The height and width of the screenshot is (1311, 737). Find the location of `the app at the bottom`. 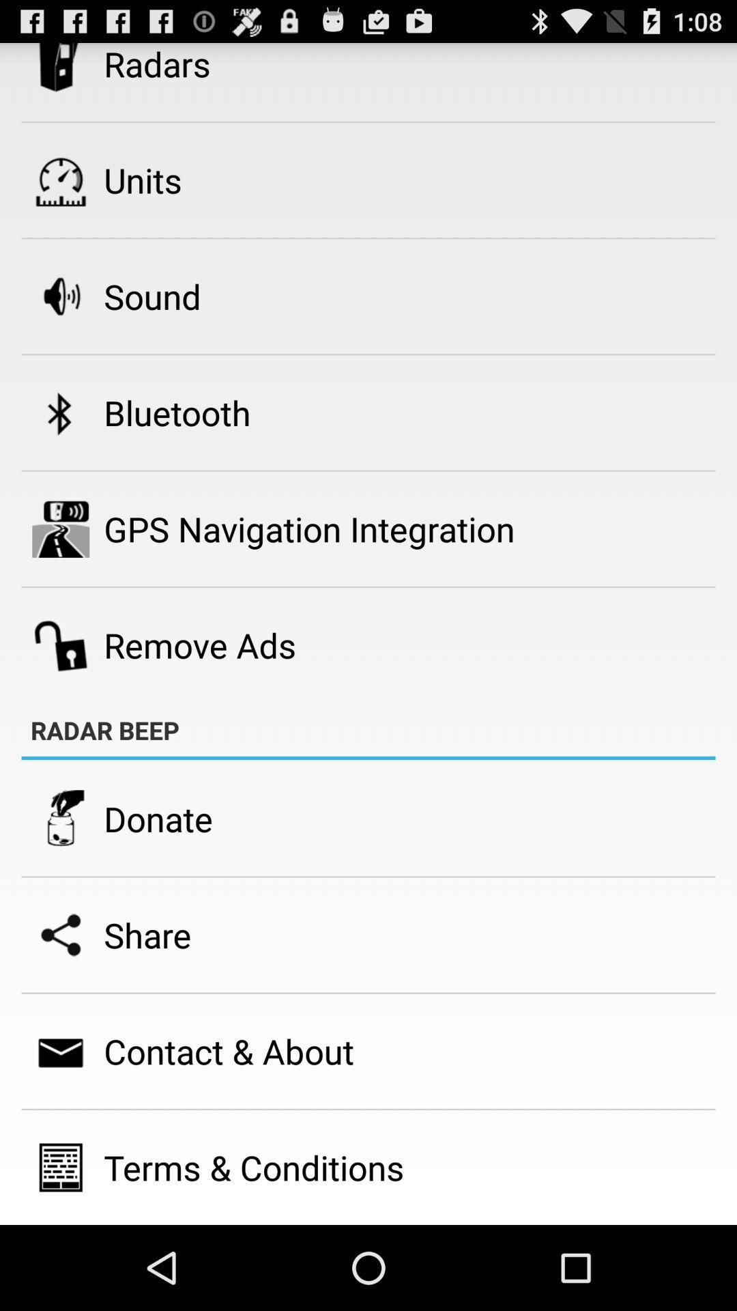

the app at the bottom is located at coordinates (254, 1166).